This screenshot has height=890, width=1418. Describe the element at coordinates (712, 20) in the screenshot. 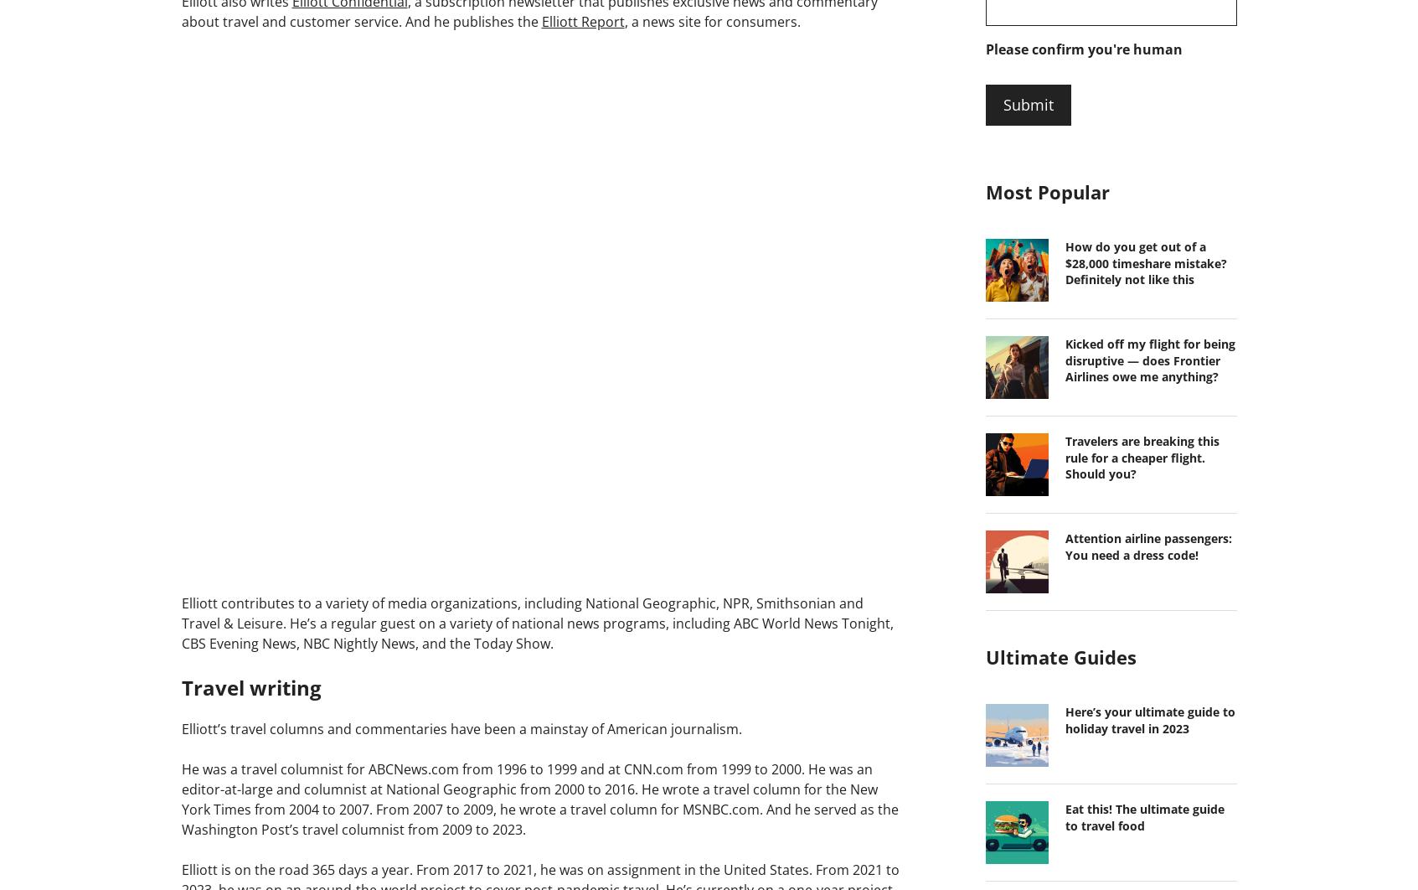

I see `', a news site for consumers.'` at that location.